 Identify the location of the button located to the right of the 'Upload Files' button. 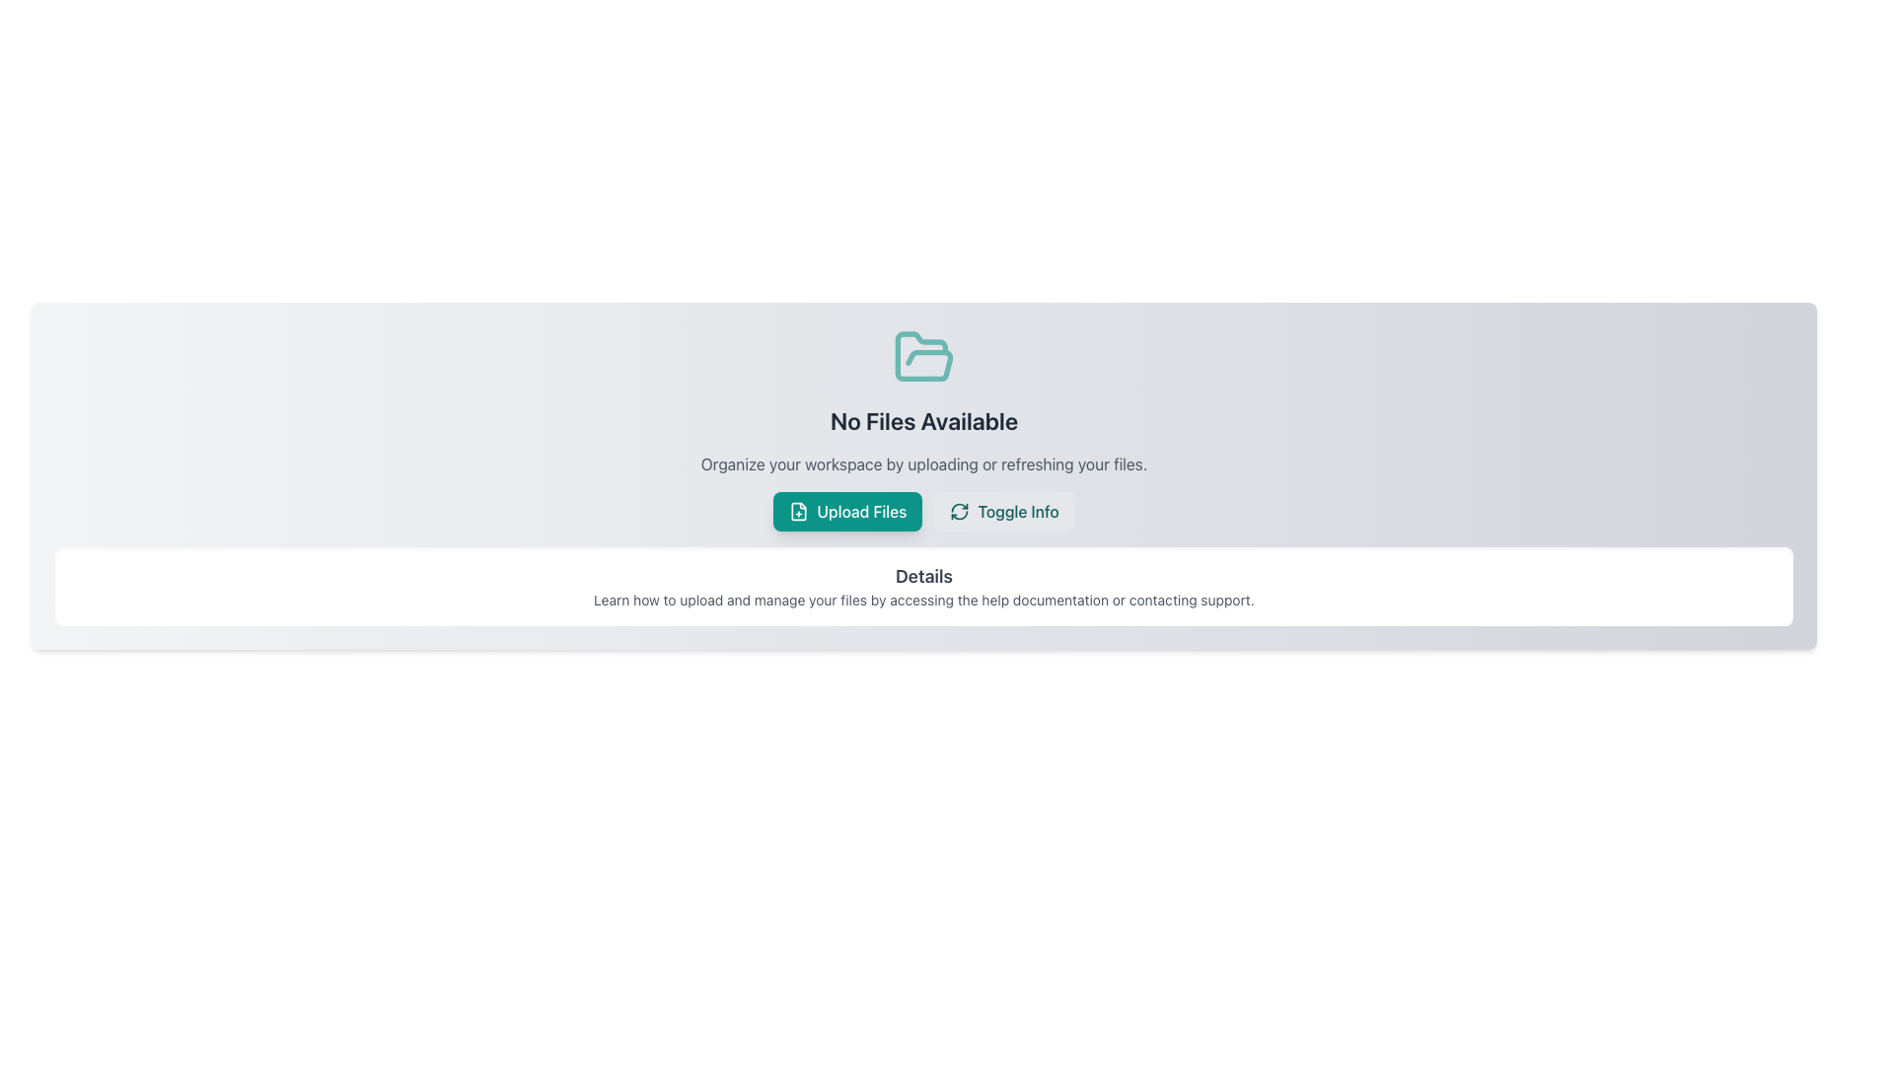
(1004, 511).